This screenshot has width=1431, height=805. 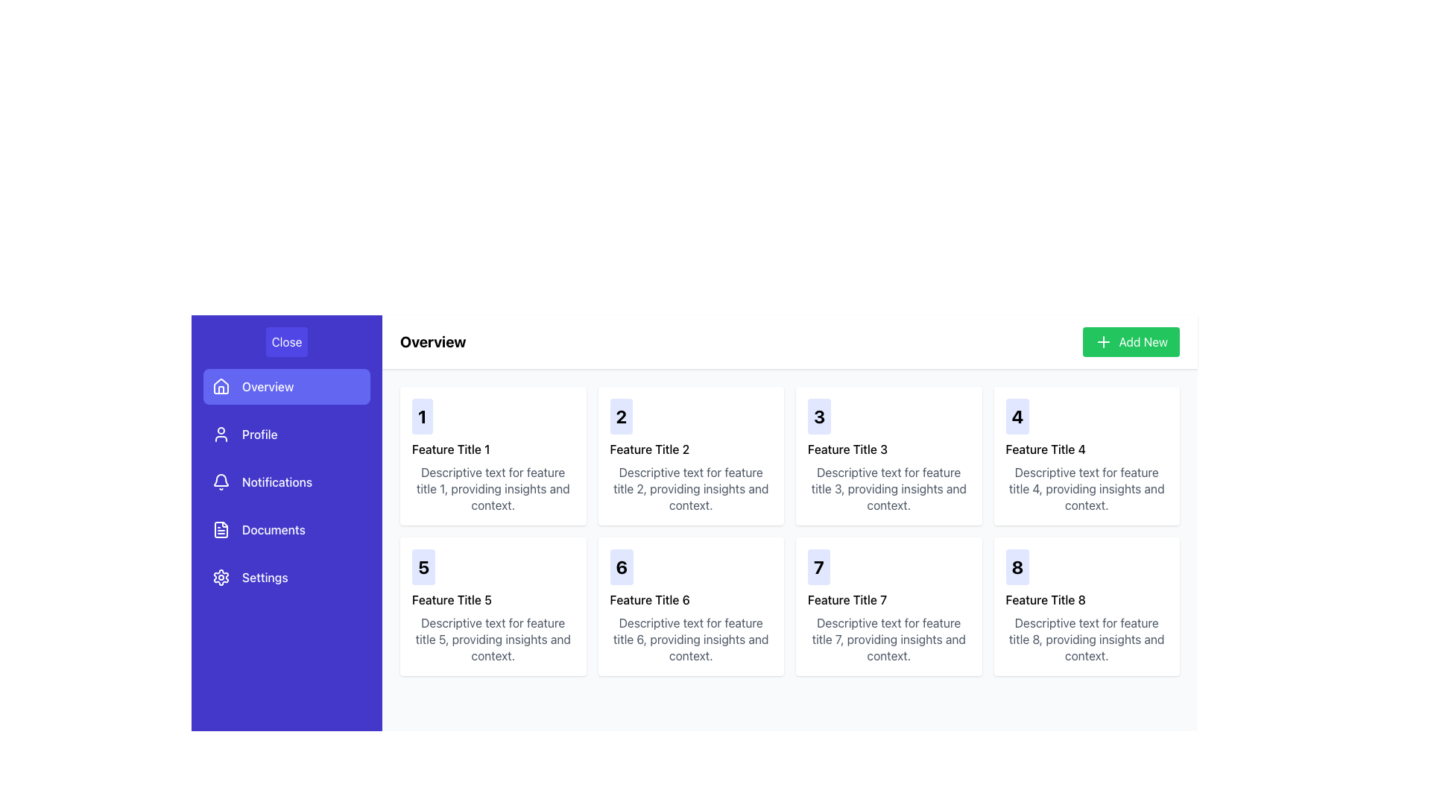 I want to click on the static text label displaying the number '3' with a light indigo background, located under the heading 'Feature Title 3' in the upper row, third column of the grid layout, so click(x=818, y=417).